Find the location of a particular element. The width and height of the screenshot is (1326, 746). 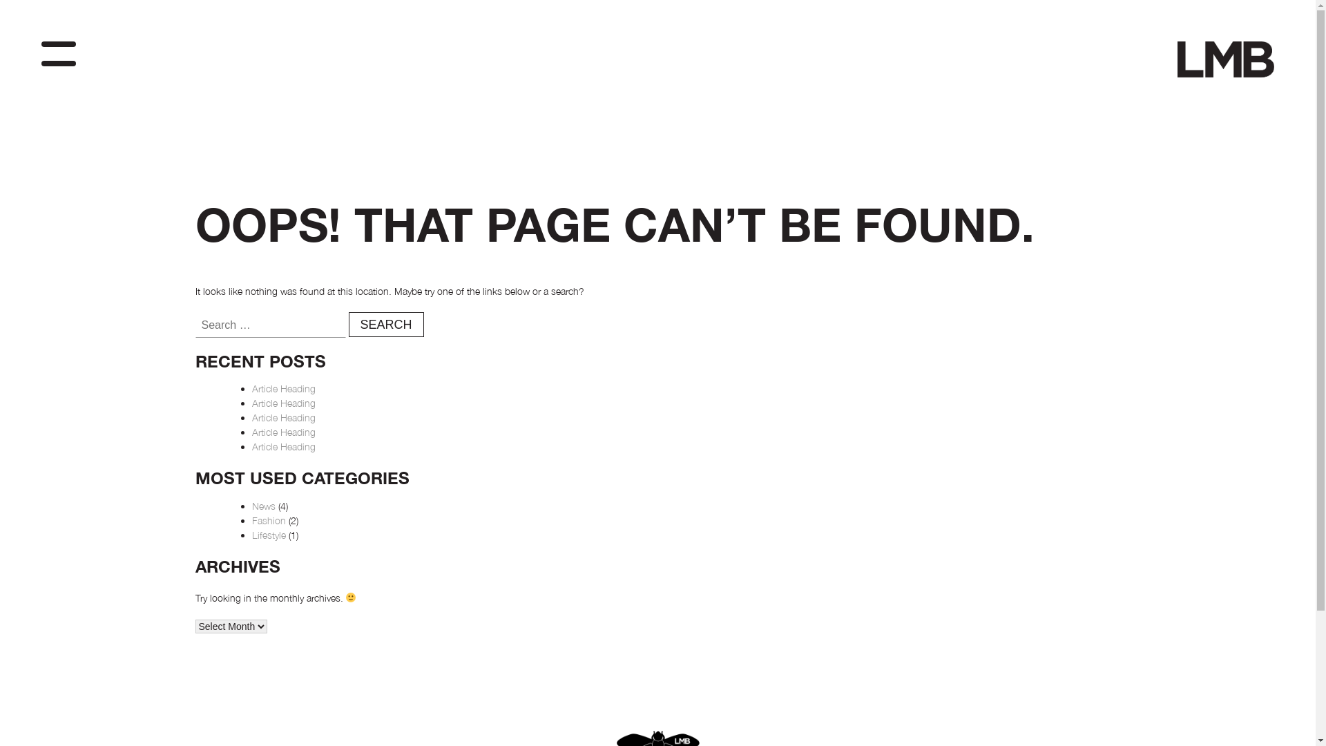

'LMB Management' is located at coordinates (1216, 101).